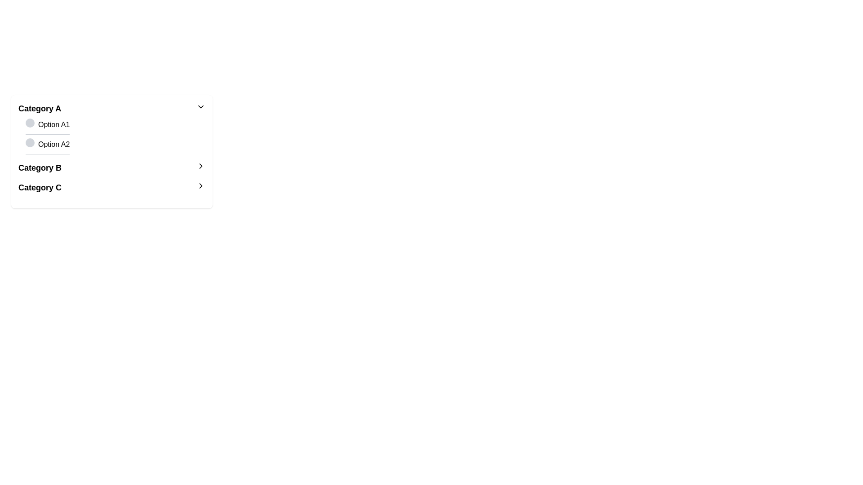 This screenshot has height=485, width=863. I want to click on the right-pointing chevron icon located to the right of the 'Category B' text option in the dropdown panel, so click(200, 185).